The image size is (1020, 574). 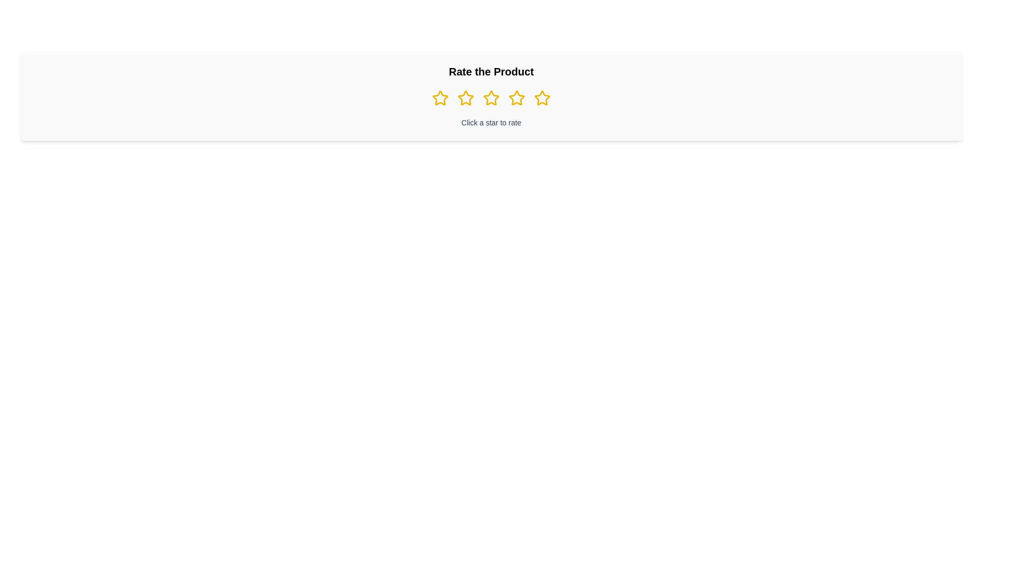 I want to click on the second star from the left in the row of five stars, so click(x=466, y=98).